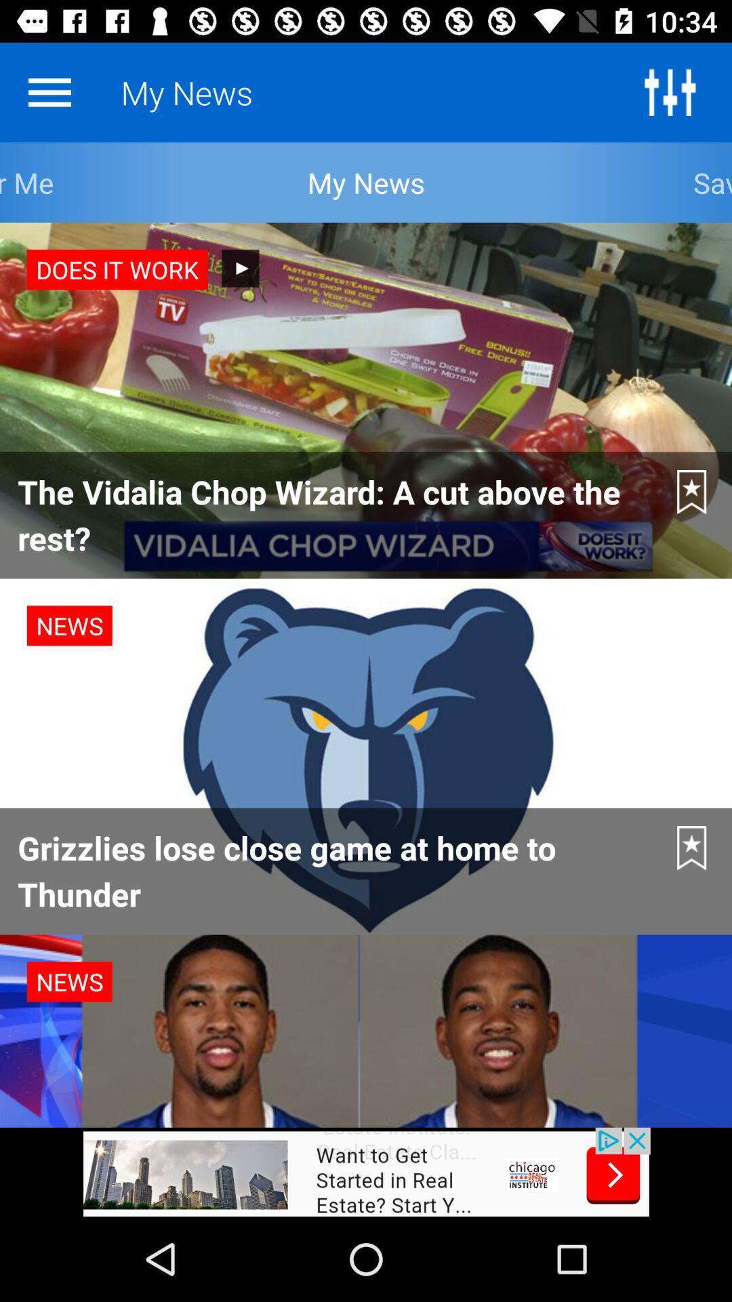 The width and height of the screenshot is (732, 1302). I want to click on the sliders icon, so click(669, 92).